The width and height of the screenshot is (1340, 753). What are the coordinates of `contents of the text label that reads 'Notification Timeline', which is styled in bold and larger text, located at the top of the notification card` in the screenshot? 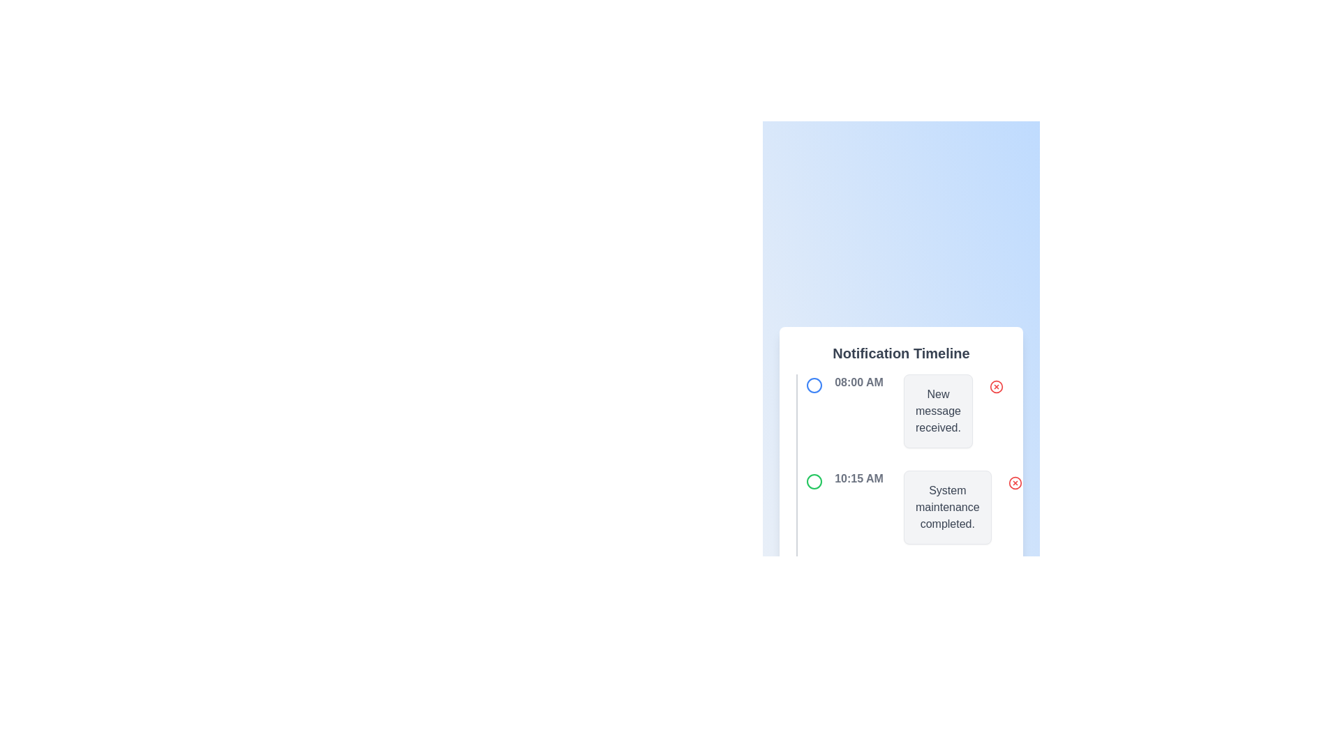 It's located at (901, 352).